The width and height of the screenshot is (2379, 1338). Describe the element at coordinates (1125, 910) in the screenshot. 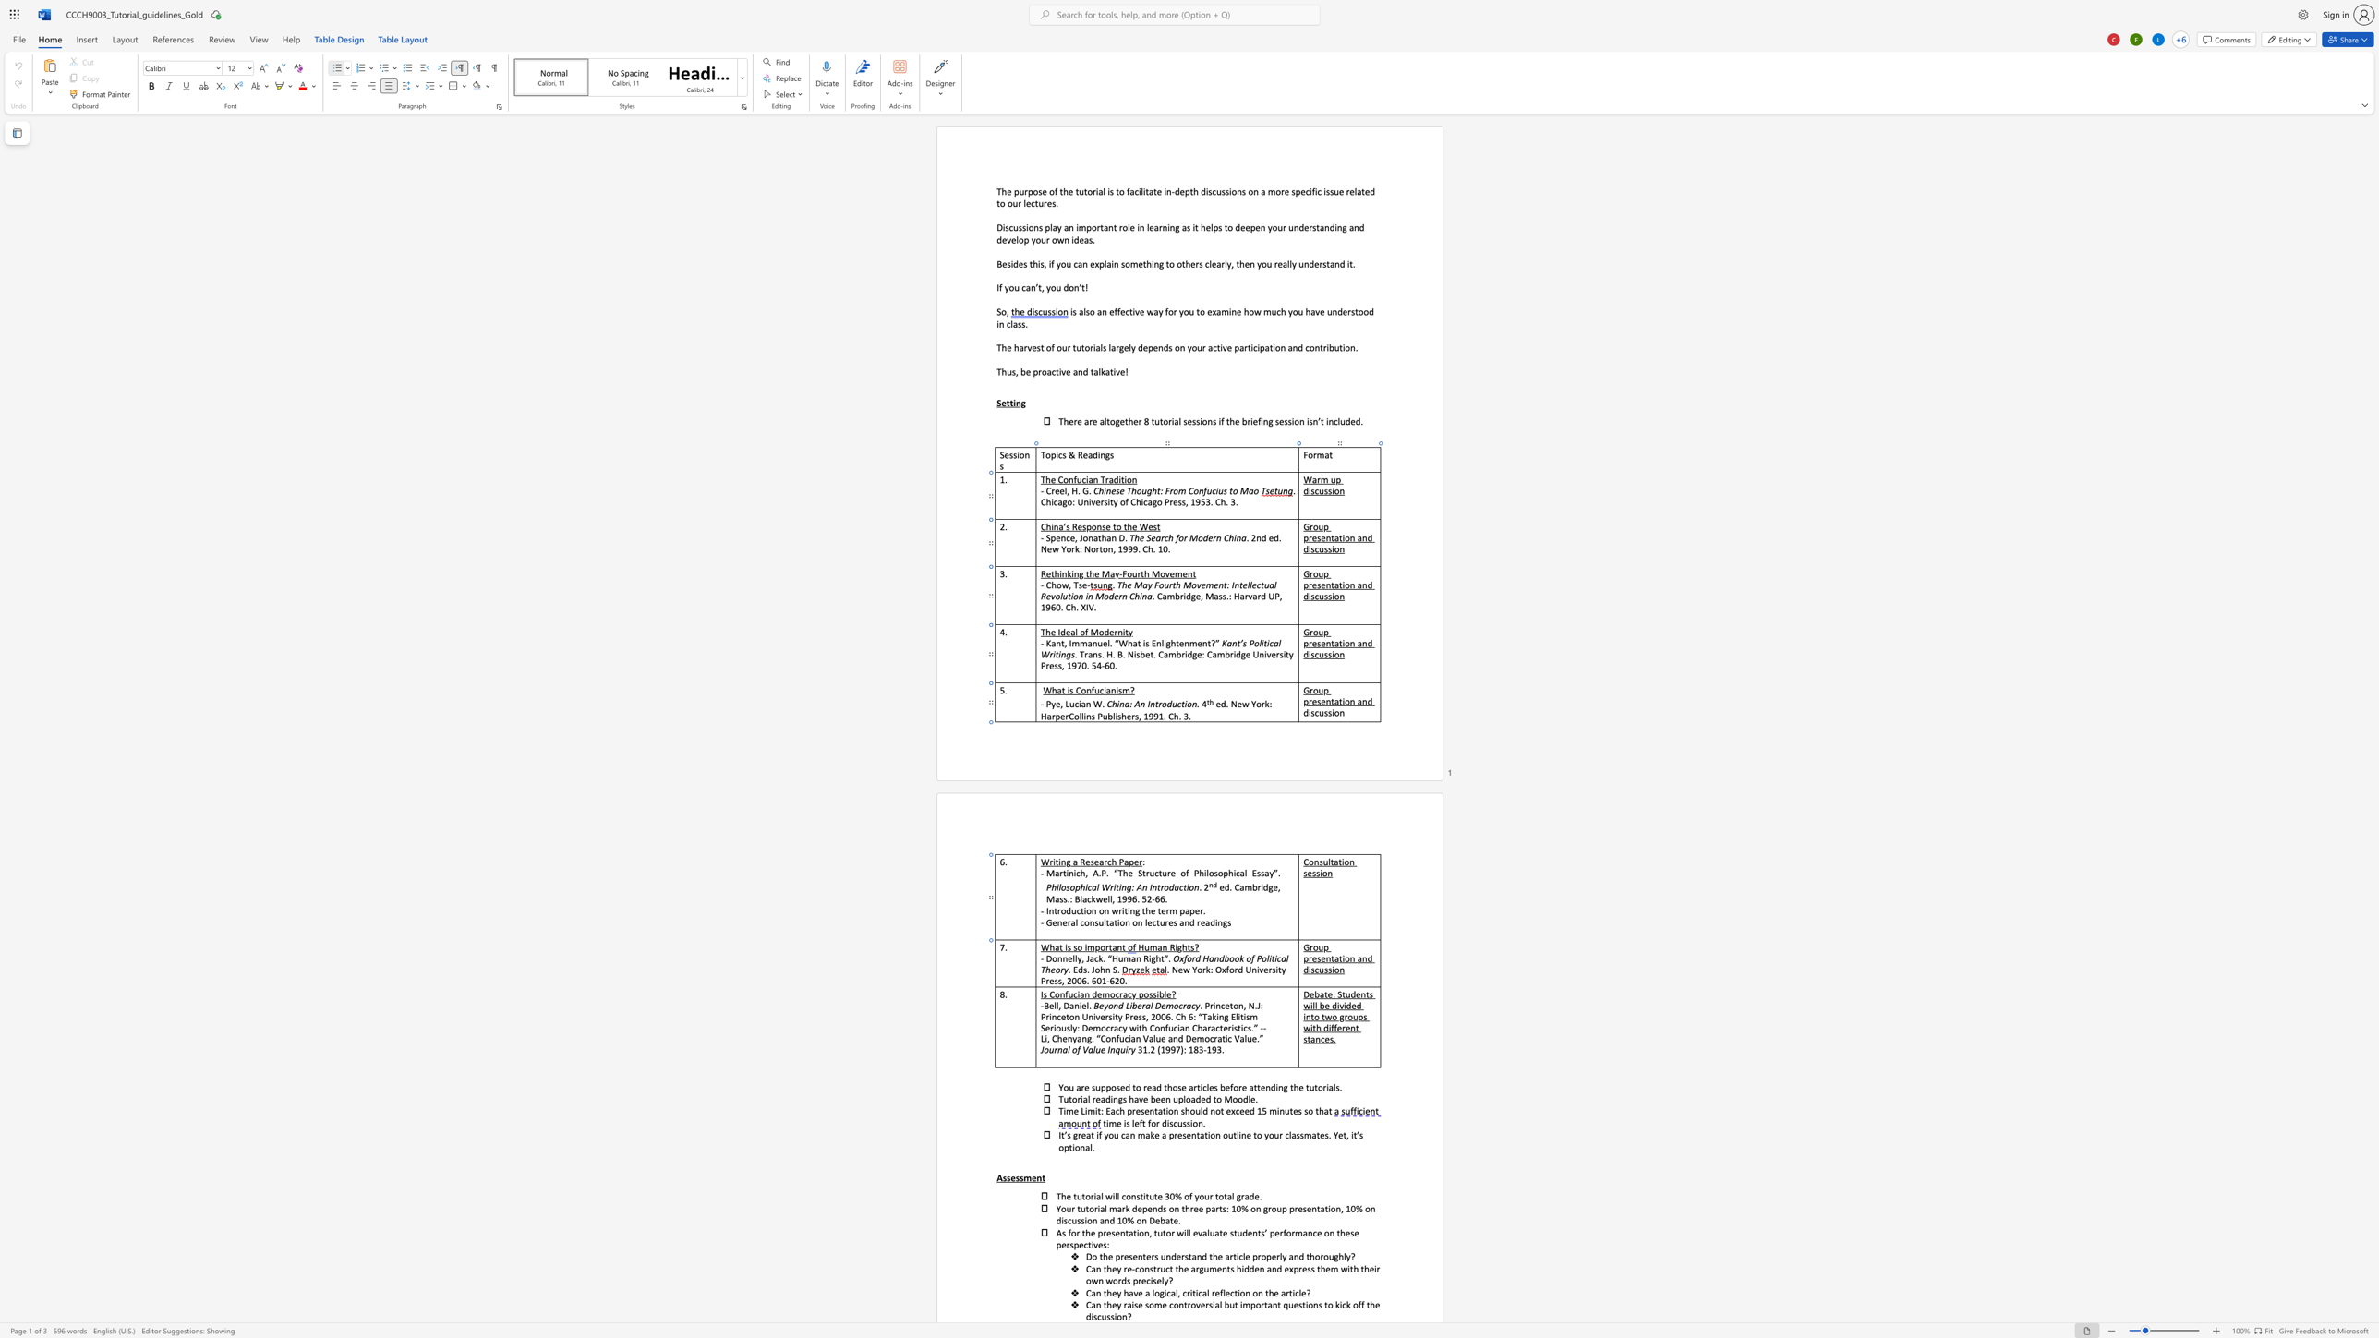

I see `the space between the continuous character "i" and "t" in the text` at that location.